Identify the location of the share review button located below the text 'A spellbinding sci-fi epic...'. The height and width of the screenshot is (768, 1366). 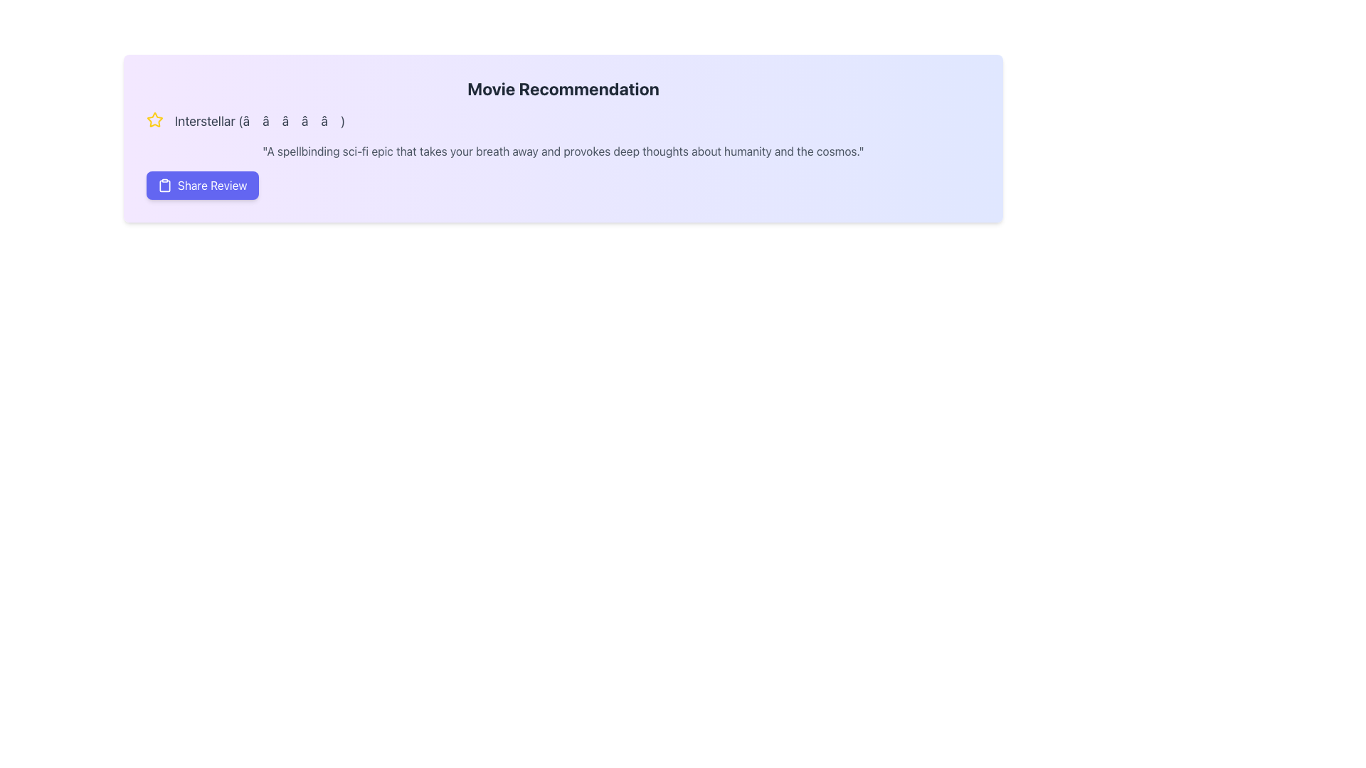
(201, 185).